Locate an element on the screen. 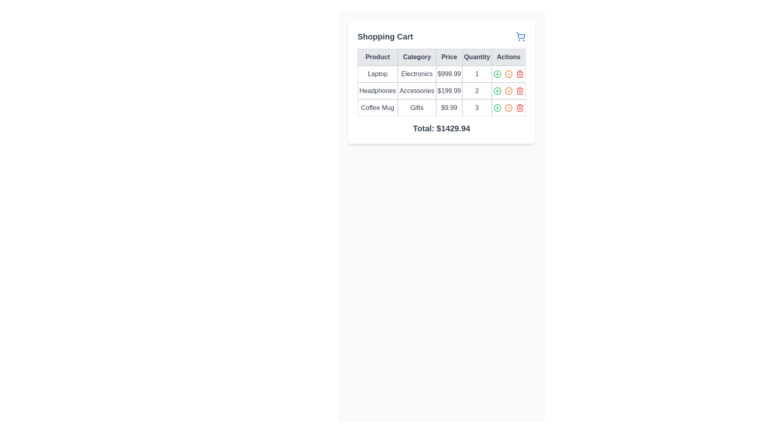  the trash icon in the 'Actions' column of the table row for 'Headphones' is located at coordinates (520, 91).